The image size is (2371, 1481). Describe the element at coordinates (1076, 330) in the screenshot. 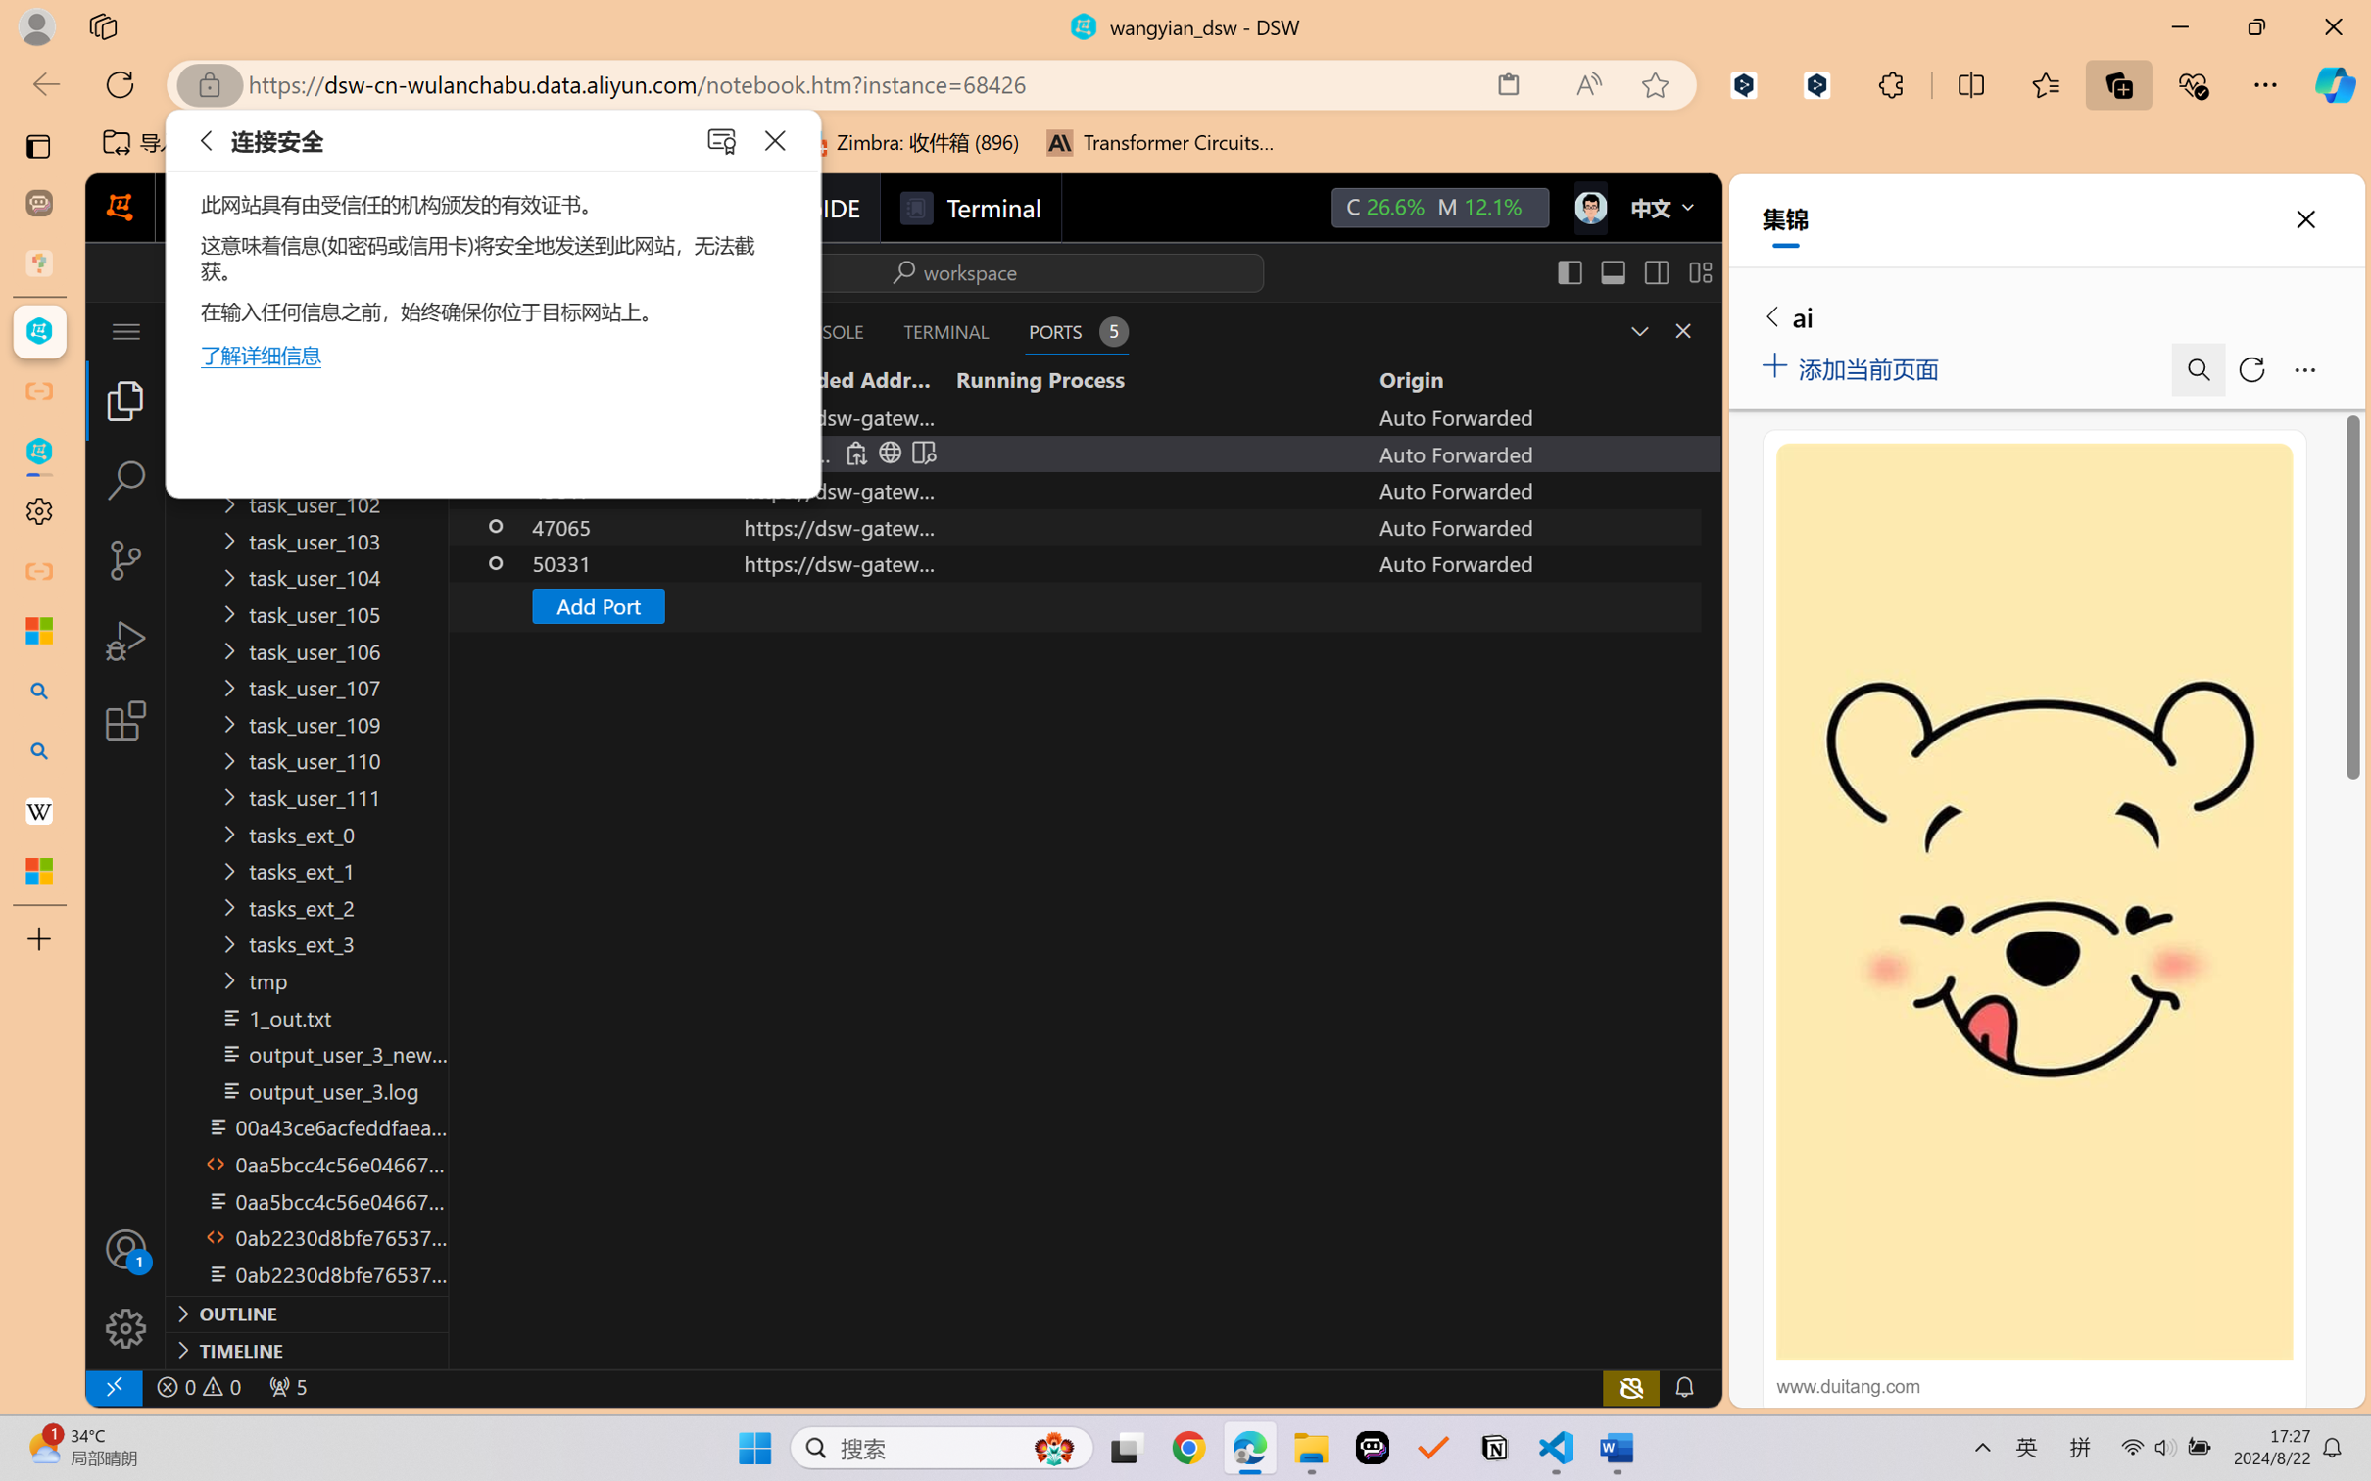

I see `'Ports - 5 forwarded ports Ports - 5 forwarded ports'` at that location.